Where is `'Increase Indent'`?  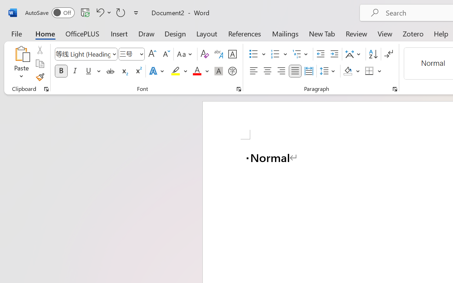 'Increase Indent' is located at coordinates (334, 54).